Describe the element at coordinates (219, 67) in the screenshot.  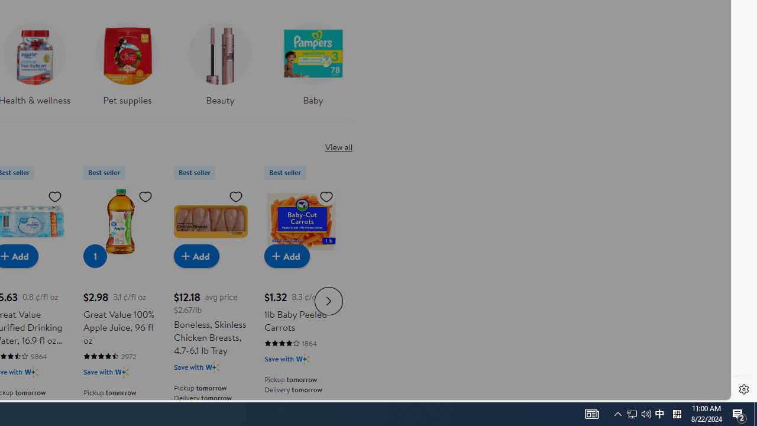
I see `'Beauty'` at that location.